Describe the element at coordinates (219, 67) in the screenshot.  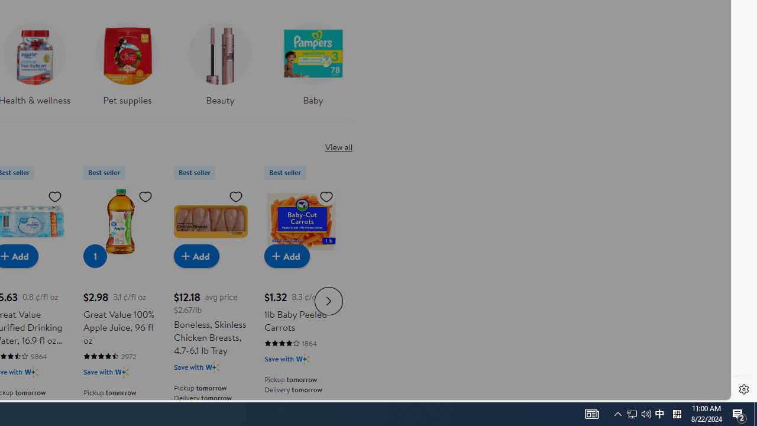
I see `'Beauty'` at that location.